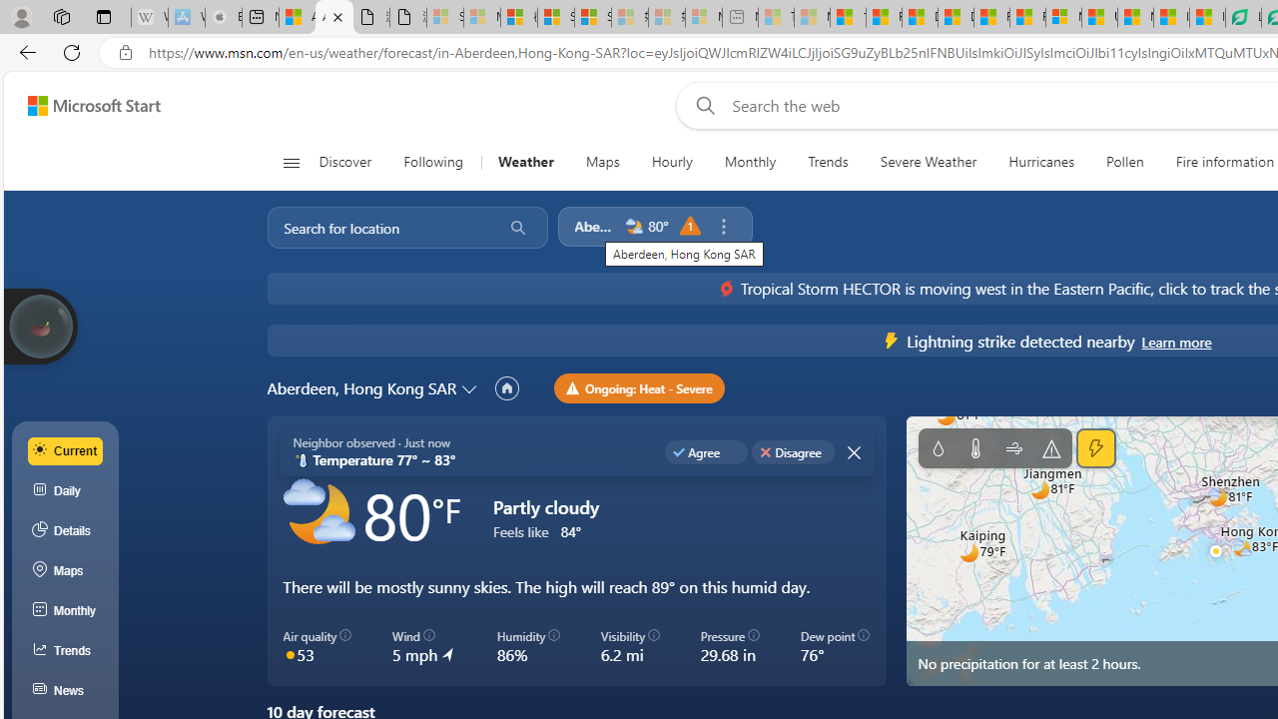 The image size is (1278, 719). I want to click on 'Class: aqiColorCycle-DS-EntryPoint1-1', so click(289, 653).